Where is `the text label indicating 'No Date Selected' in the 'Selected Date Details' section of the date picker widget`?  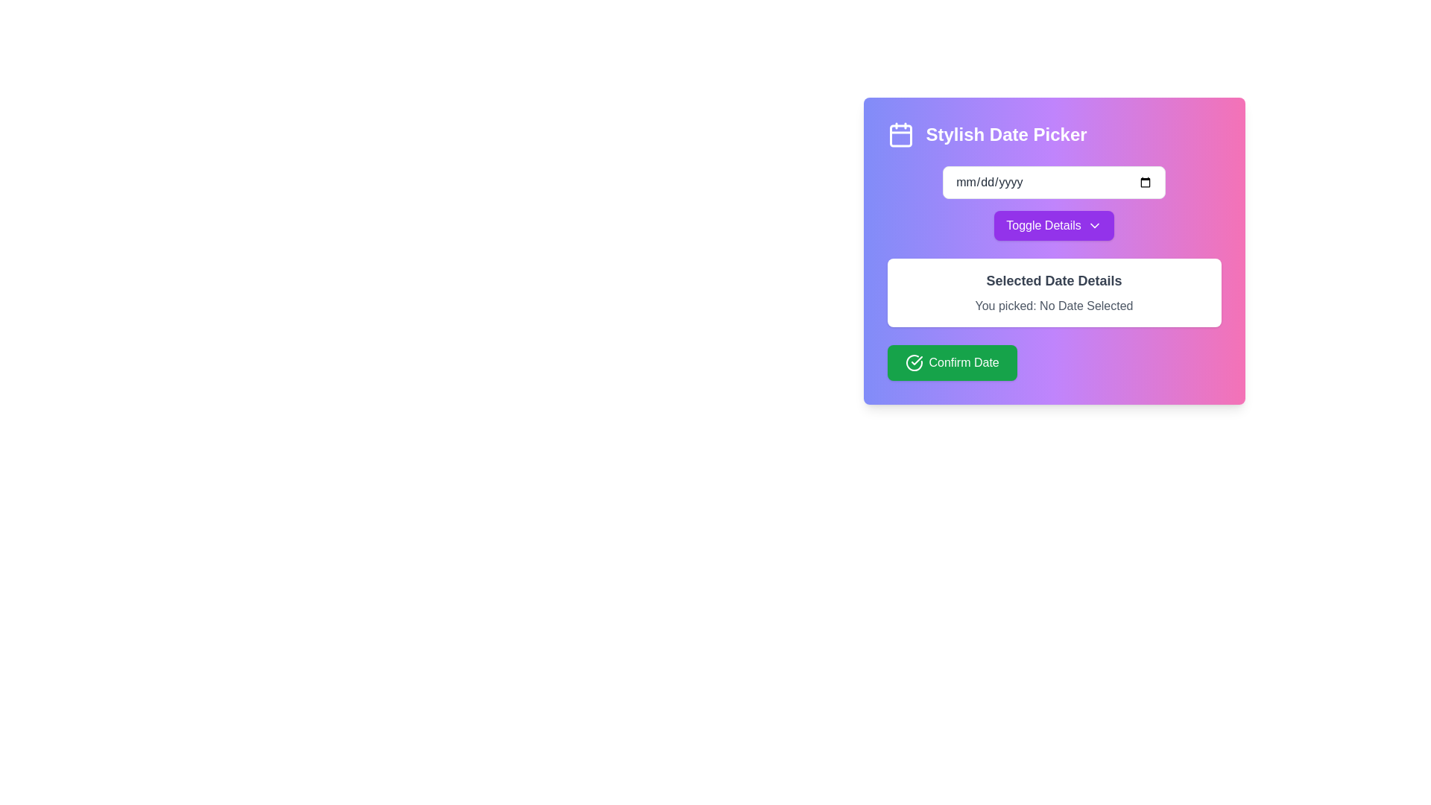 the text label indicating 'No Date Selected' in the 'Selected Date Details' section of the date picker widget is located at coordinates (1086, 305).